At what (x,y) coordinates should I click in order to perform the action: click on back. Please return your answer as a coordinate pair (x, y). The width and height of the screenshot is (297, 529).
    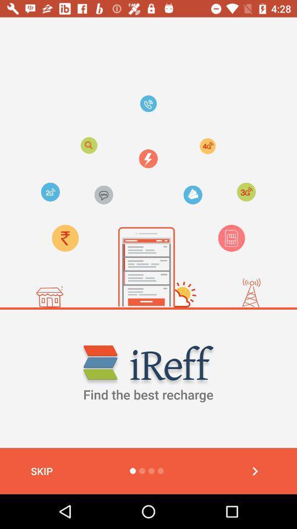
    Looking at the image, I should click on (255, 471).